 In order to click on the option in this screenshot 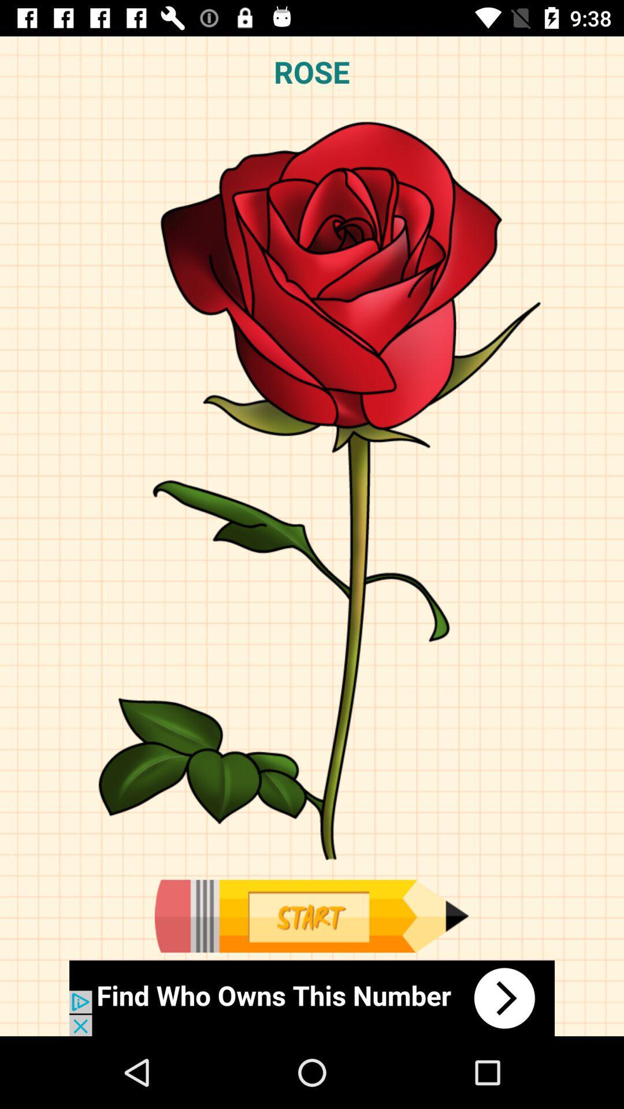, I will do `click(312, 998)`.